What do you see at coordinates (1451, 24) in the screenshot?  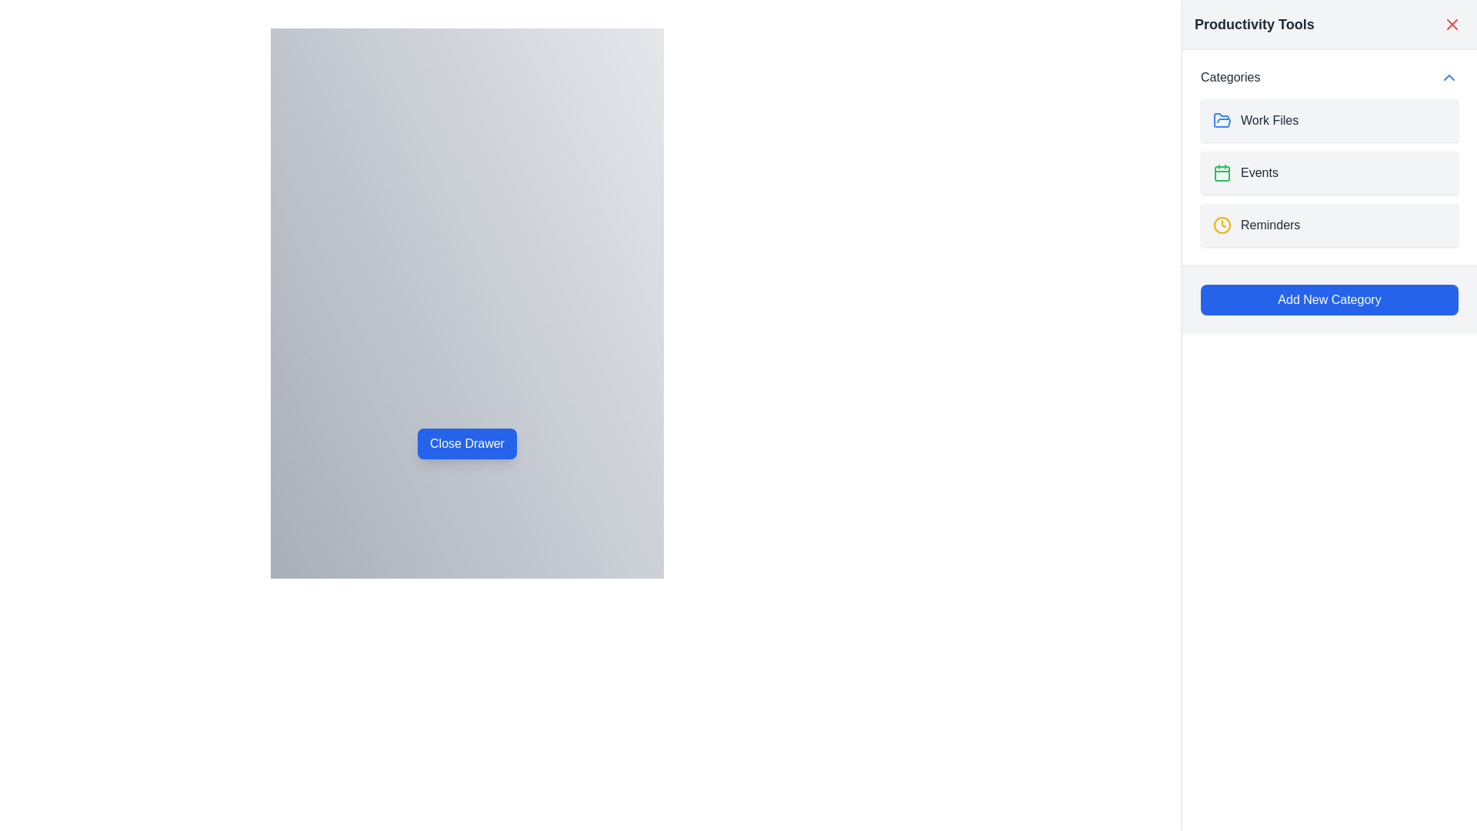 I see `the circular button with a red 'X' icon located on the far right of the 'Productivity Tools' header in the sidebar` at bounding box center [1451, 24].